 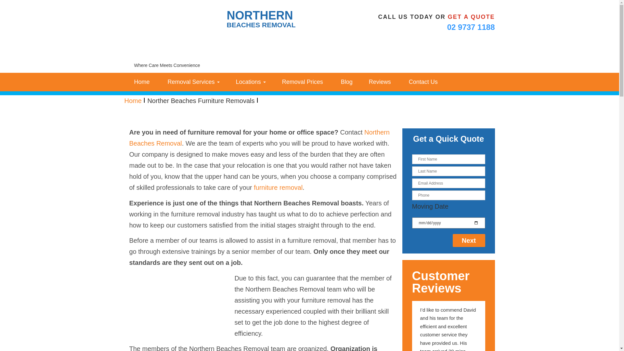 I want to click on 'GET A QUOTE', so click(x=447, y=16).